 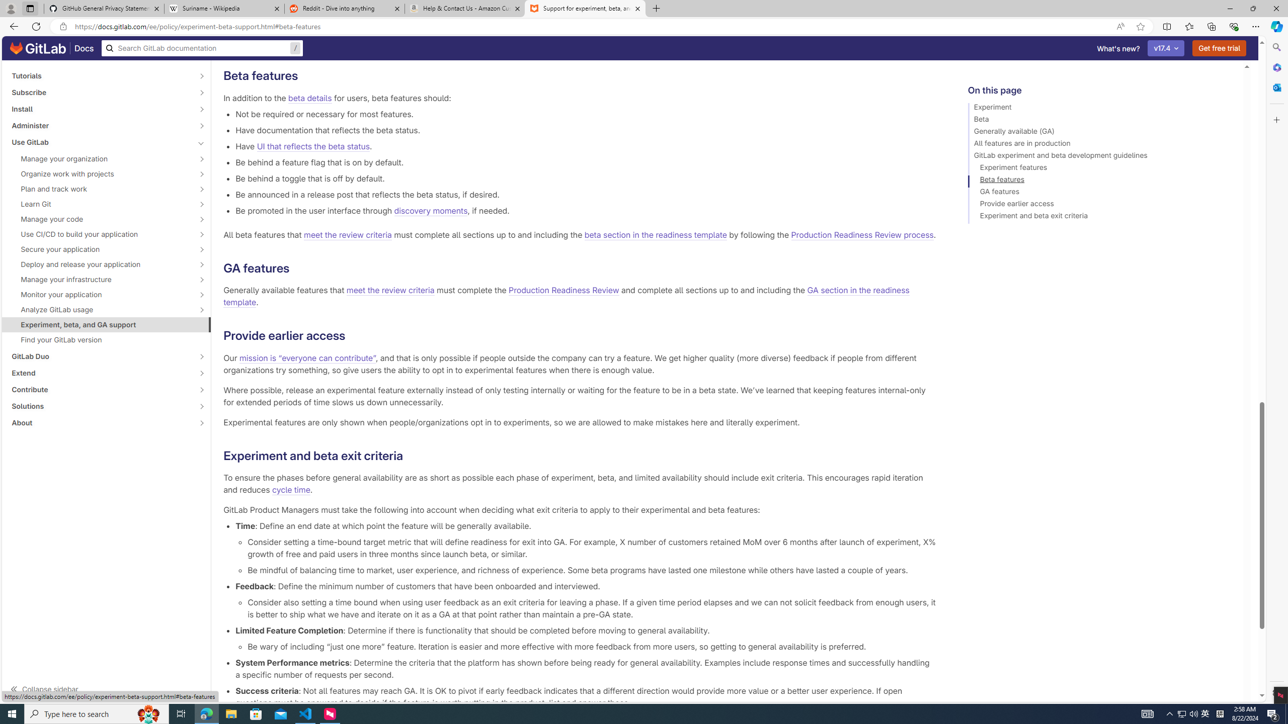 I want to click on 'Manage your organization', so click(x=100, y=158).